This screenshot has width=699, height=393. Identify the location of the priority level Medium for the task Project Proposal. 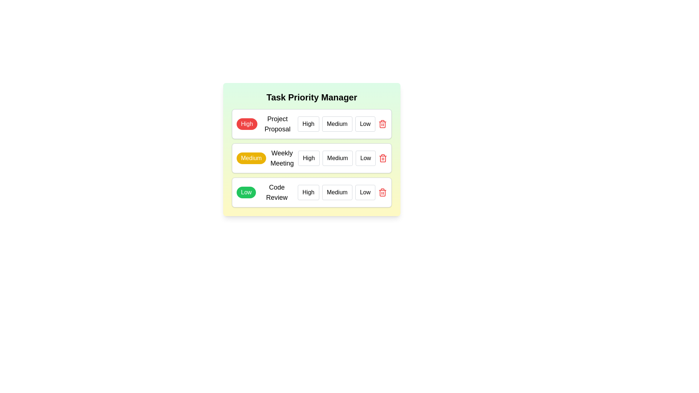
(337, 123).